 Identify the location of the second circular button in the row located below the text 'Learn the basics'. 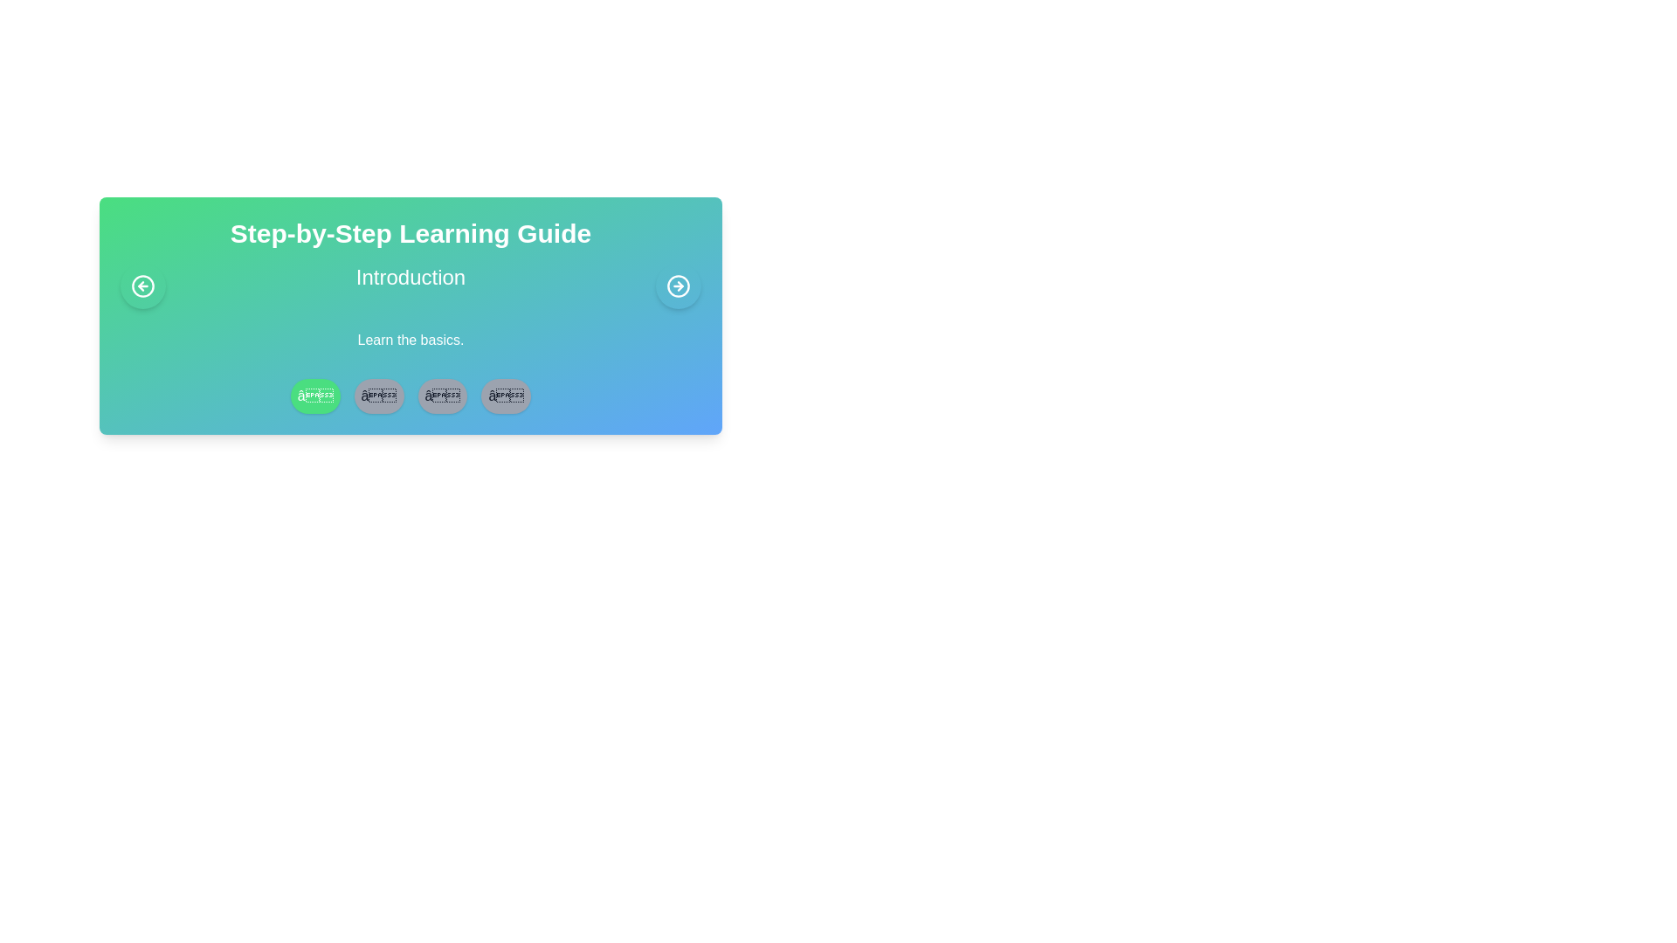
(378, 396).